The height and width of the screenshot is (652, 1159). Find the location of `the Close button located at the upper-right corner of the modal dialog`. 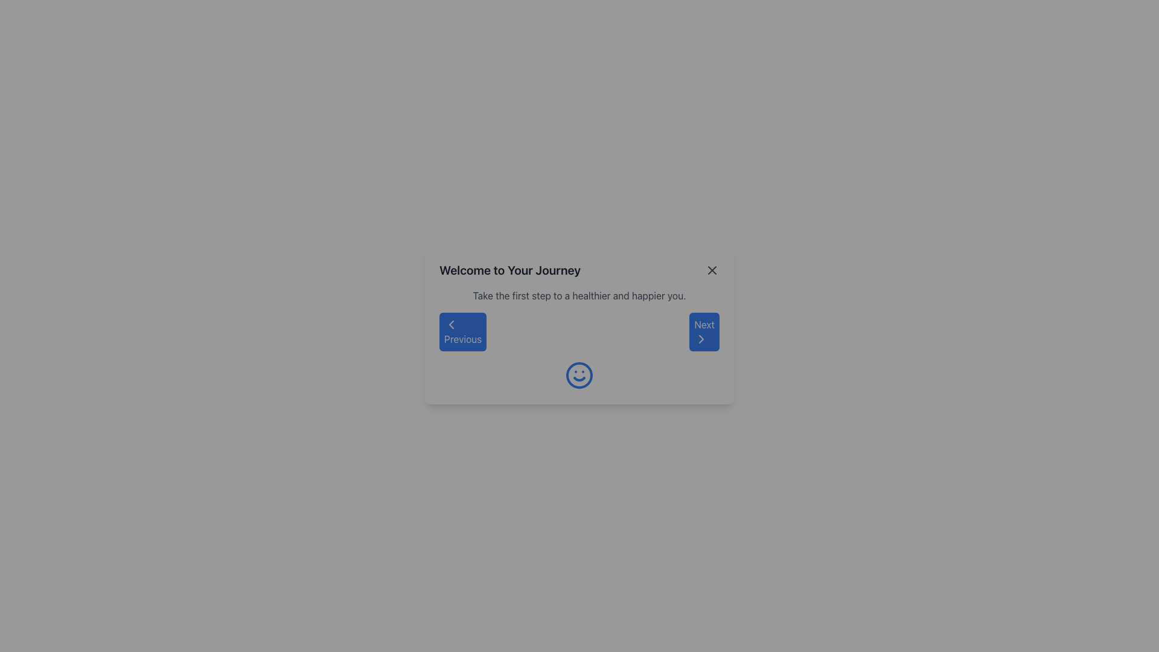

the Close button located at the upper-right corner of the modal dialog is located at coordinates (712, 269).